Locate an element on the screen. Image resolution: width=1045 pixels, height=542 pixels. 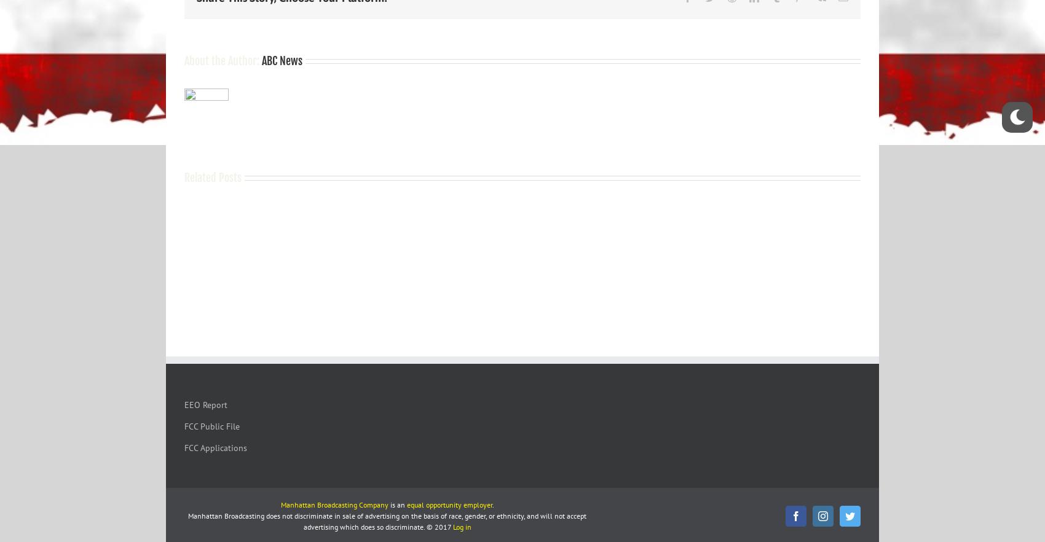
'Manhattan Broadcasting Company' is located at coordinates (280, 504).